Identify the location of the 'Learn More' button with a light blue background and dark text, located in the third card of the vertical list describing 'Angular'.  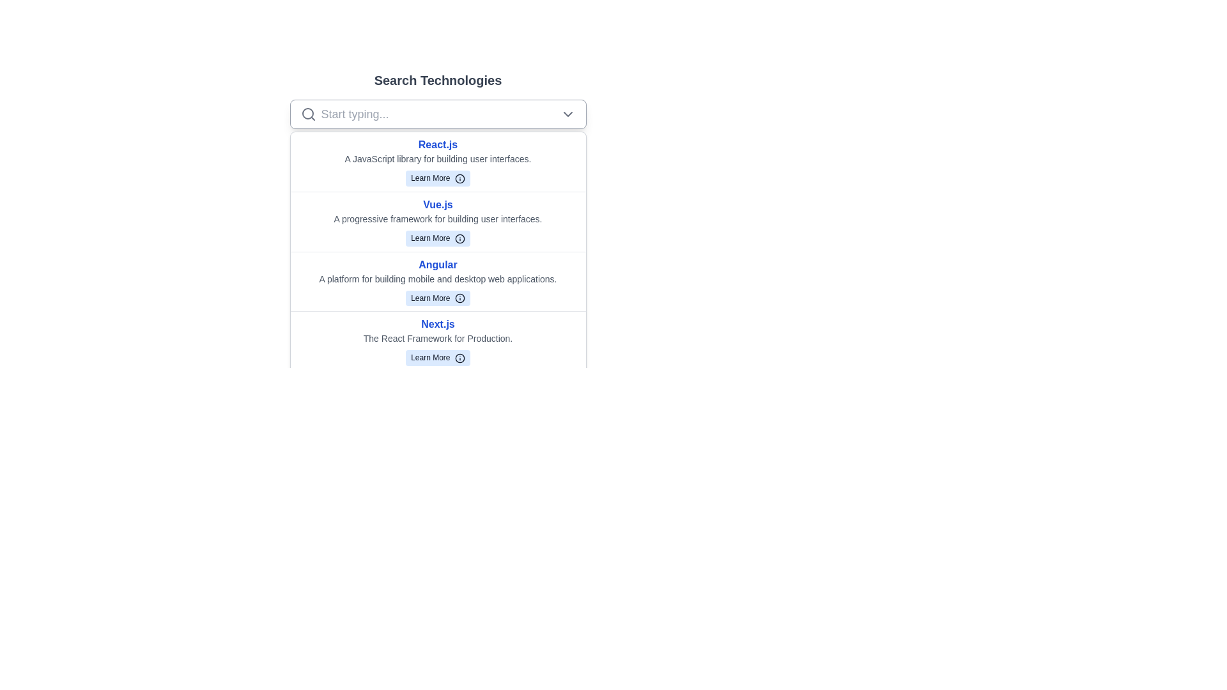
(438, 298).